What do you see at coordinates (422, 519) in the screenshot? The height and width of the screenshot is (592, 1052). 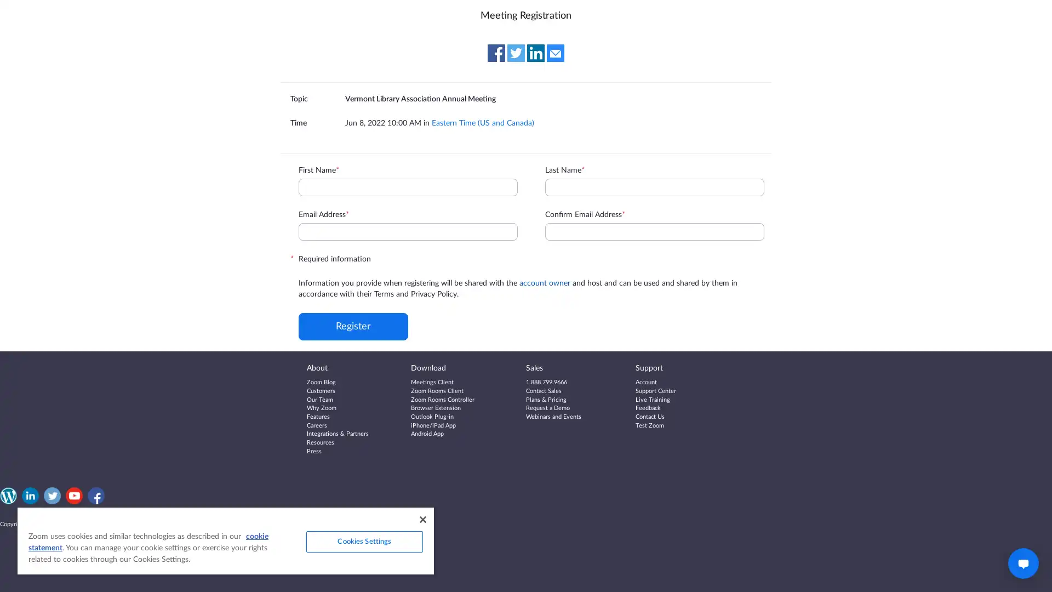 I see `Close` at bounding box center [422, 519].